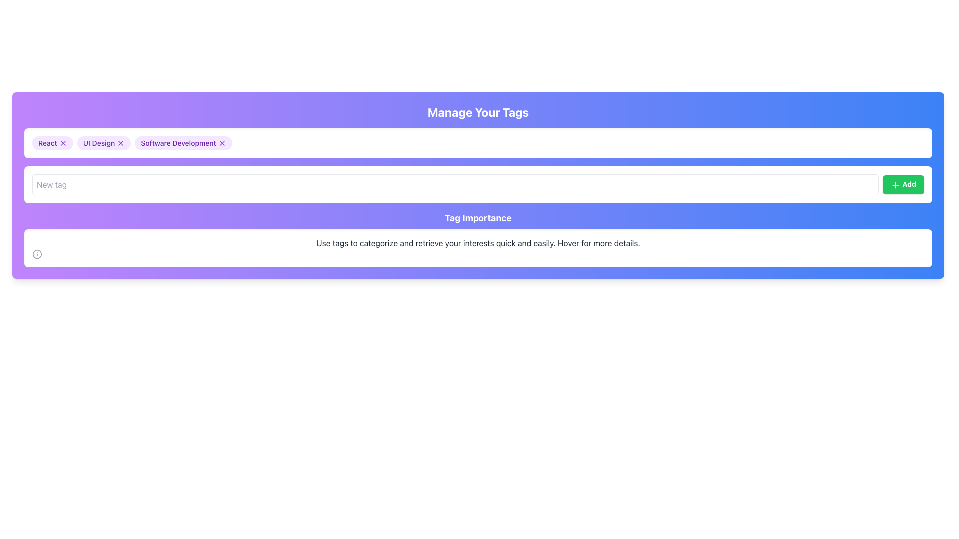 The image size is (959, 539). What do you see at coordinates (104, 143) in the screenshot?
I see `the second tag labeled 'UI Design'` at bounding box center [104, 143].